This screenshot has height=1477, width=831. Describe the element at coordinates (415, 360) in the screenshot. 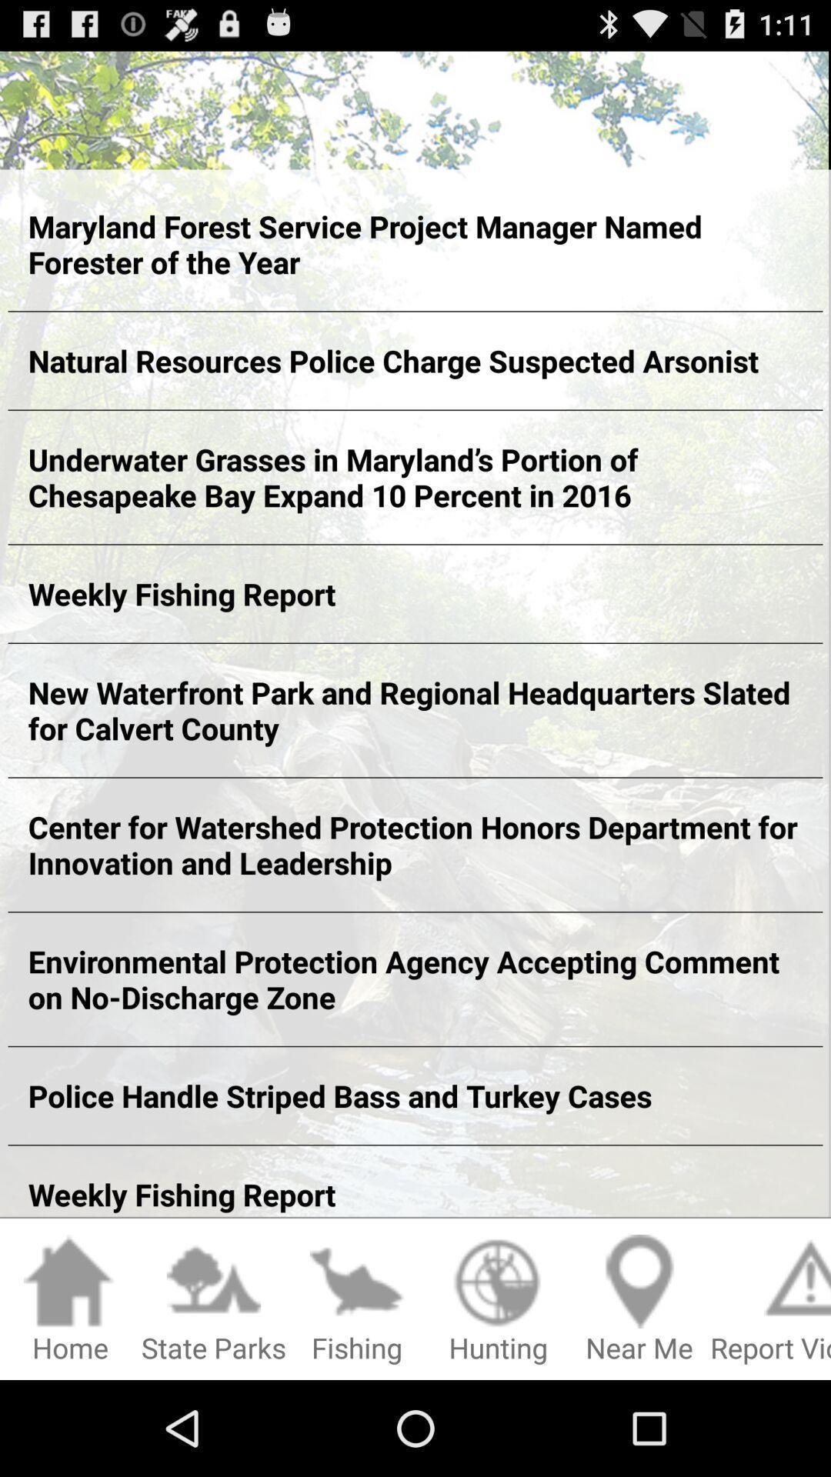

I see `item below the maryland forest service` at that location.